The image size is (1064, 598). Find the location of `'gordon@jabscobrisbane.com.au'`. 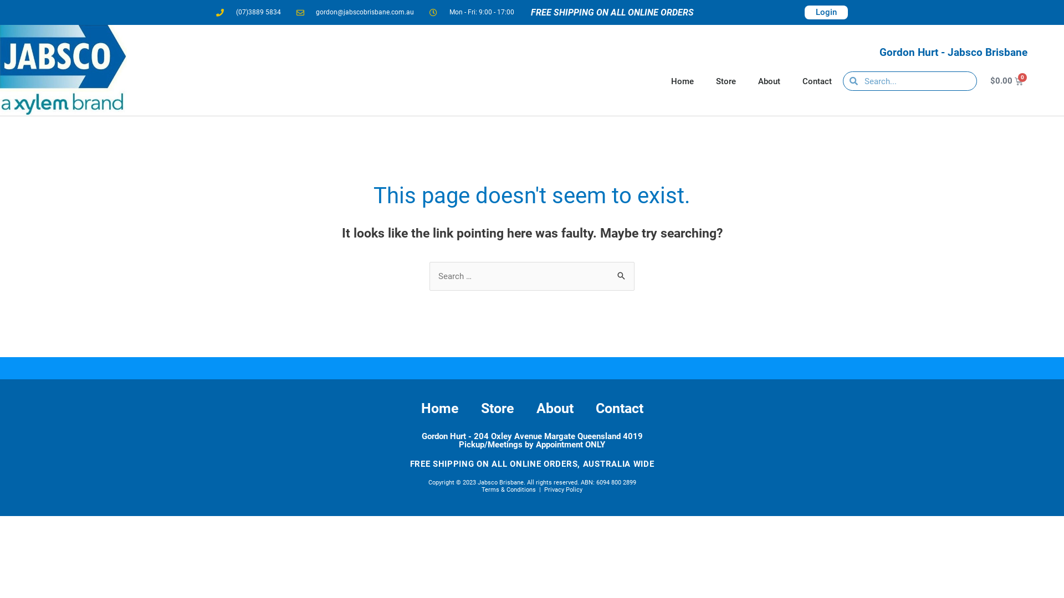

'gordon@jabscobrisbane.com.au' is located at coordinates (355, 12).